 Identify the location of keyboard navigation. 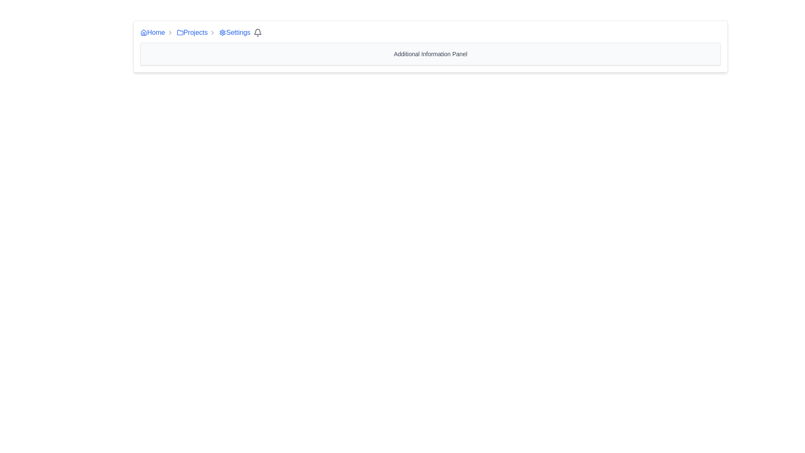
(223, 32).